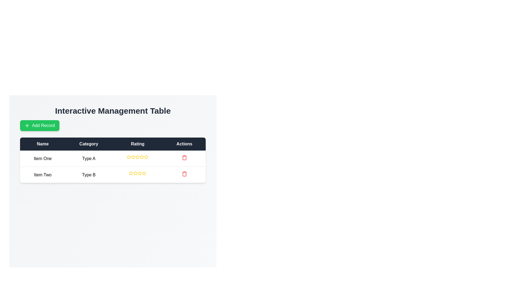  Describe the element at coordinates (146, 157) in the screenshot. I see `the third graphical rating star icon in the 'Rating' column of the first row labeled 'Item One' to rate` at that location.